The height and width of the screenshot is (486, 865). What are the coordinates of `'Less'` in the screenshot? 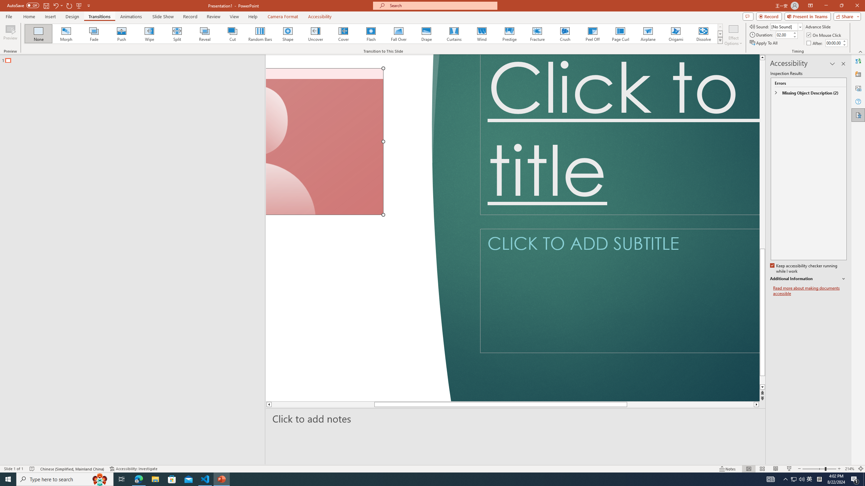 It's located at (844, 44).